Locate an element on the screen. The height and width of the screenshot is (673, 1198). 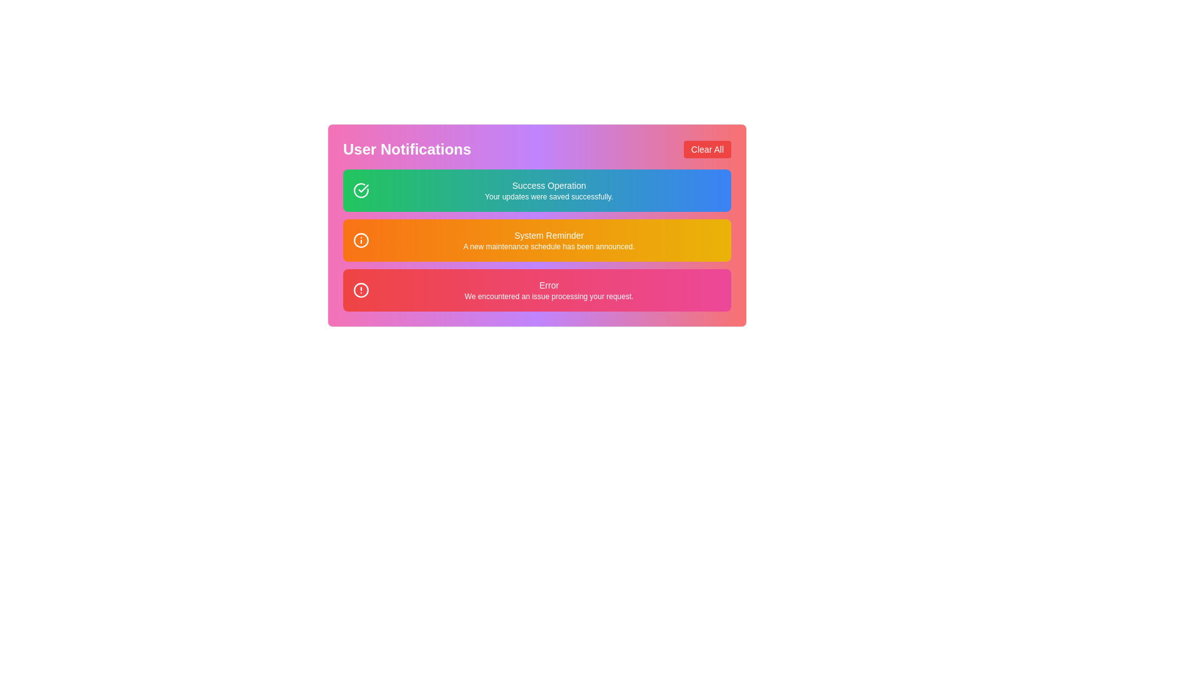
the static text saying 'Your updates were saved successfully' located beneath the 'Success Operation' message in the topmost notification box is located at coordinates (549, 196).